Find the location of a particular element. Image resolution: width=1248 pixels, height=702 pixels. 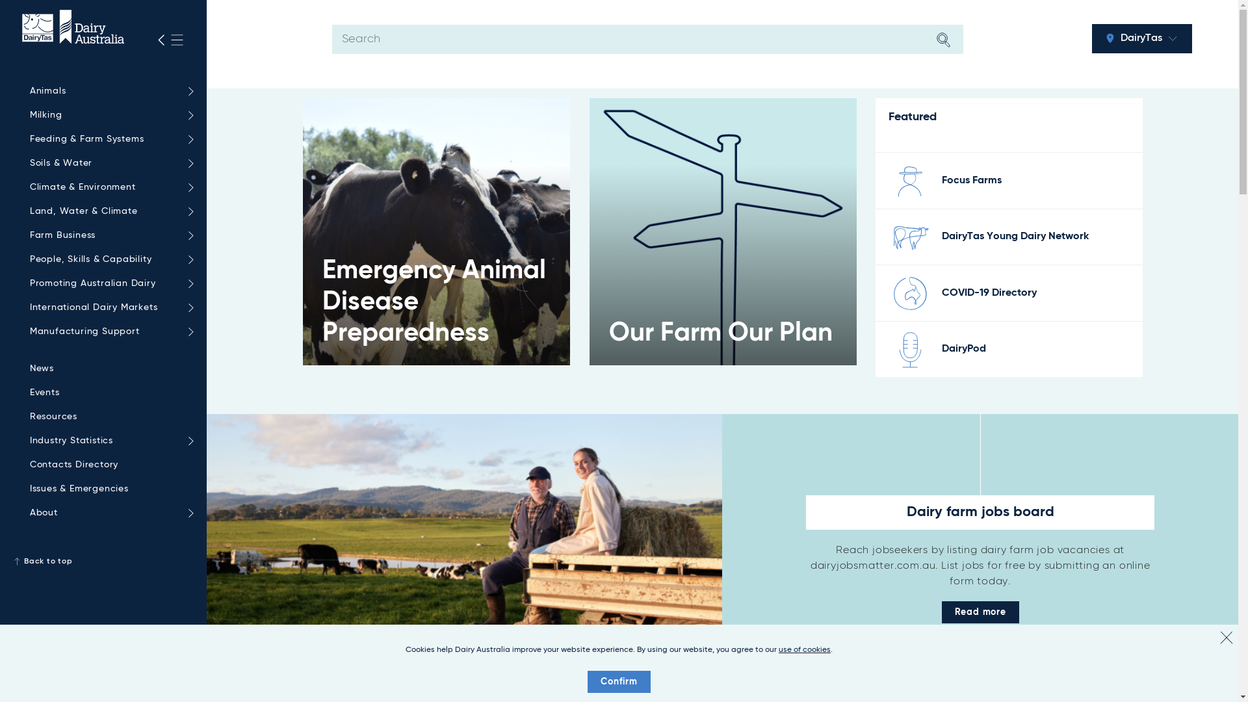

'Land, Water & Climate' is located at coordinates (109, 211).